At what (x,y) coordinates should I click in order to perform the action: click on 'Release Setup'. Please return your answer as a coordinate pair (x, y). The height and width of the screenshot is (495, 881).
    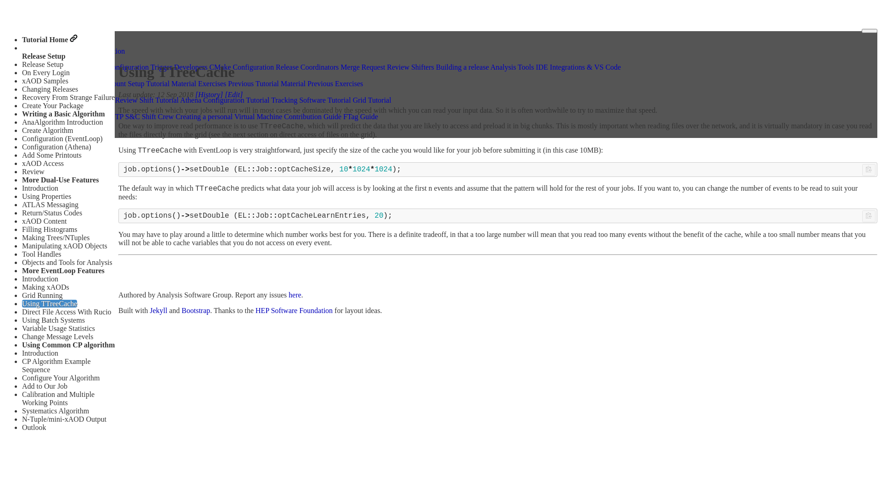
    Looking at the image, I should click on (42, 64).